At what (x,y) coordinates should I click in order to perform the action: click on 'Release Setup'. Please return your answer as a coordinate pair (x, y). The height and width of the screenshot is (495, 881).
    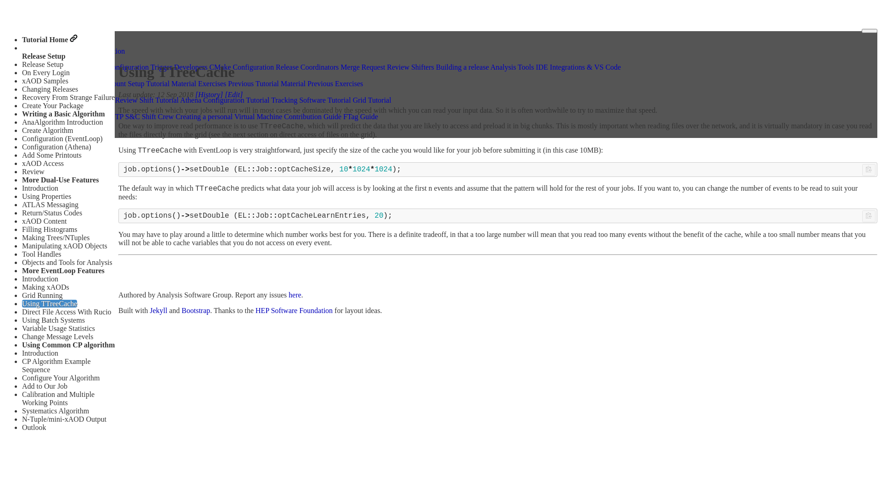
    Looking at the image, I should click on (42, 64).